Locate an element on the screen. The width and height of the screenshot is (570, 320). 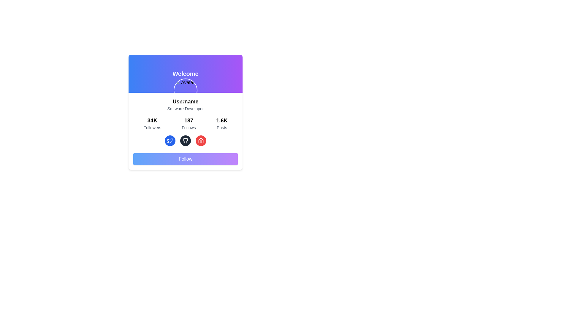
the text label displaying 'Follows' which is styled in gray underneath the number '187' within the profile statistics card is located at coordinates (188, 127).